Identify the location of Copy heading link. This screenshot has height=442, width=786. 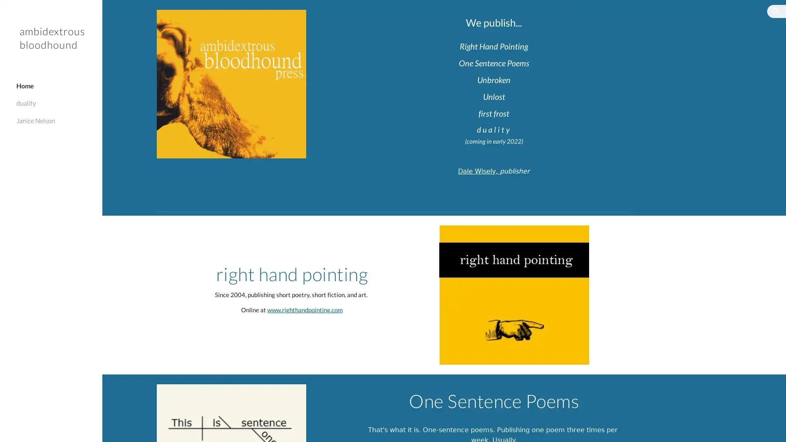
(639, 400).